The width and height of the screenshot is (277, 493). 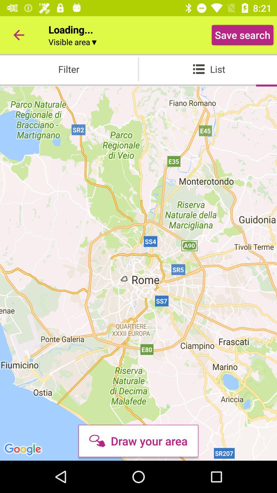 I want to click on the icon next to loading... icon, so click(x=242, y=35).